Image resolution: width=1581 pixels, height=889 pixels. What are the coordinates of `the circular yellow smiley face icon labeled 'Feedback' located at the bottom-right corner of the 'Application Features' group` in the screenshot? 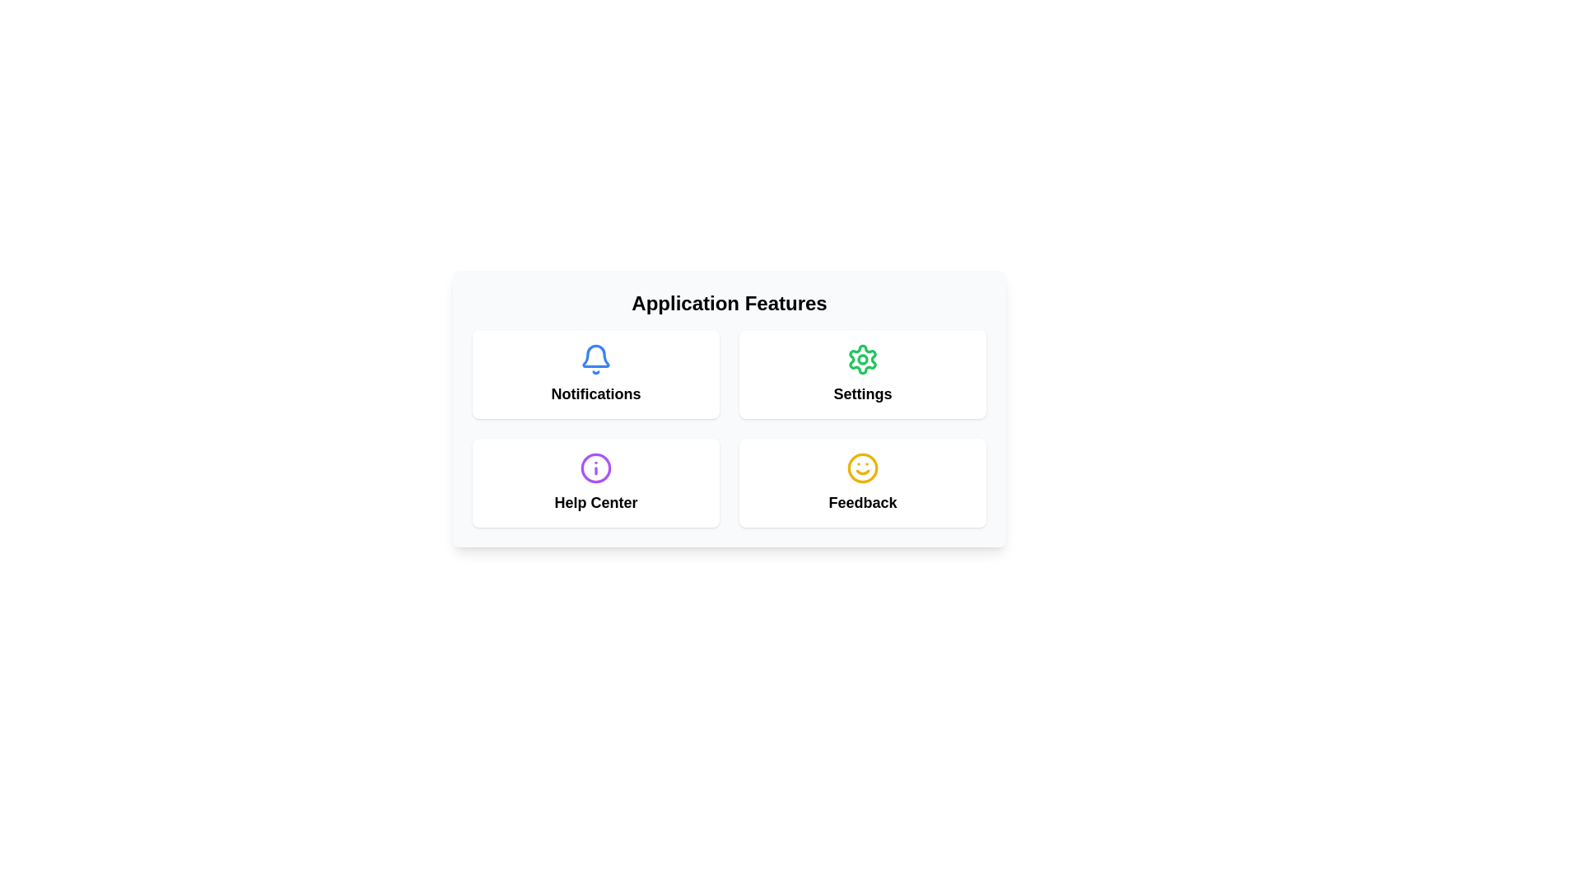 It's located at (861, 482).